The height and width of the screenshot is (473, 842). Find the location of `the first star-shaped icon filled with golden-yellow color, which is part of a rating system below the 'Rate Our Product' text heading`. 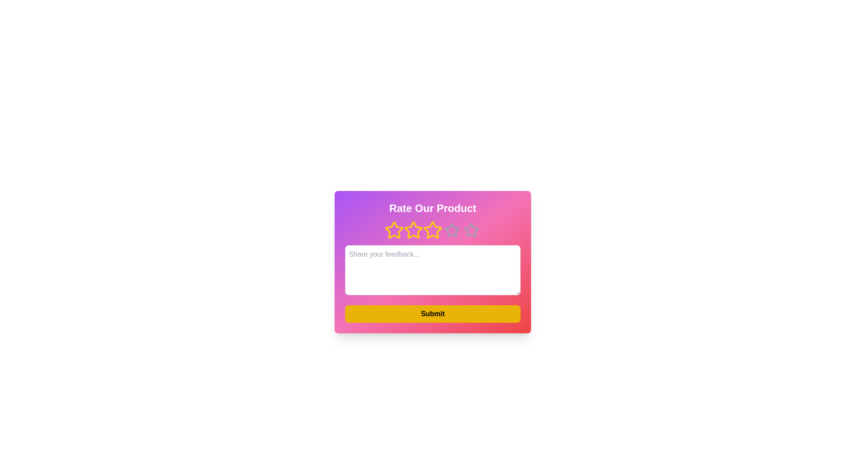

the first star-shaped icon filled with golden-yellow color, which is part of a rating system below the 'Rate Our Product' text heading is located at coordinates (393, 229).